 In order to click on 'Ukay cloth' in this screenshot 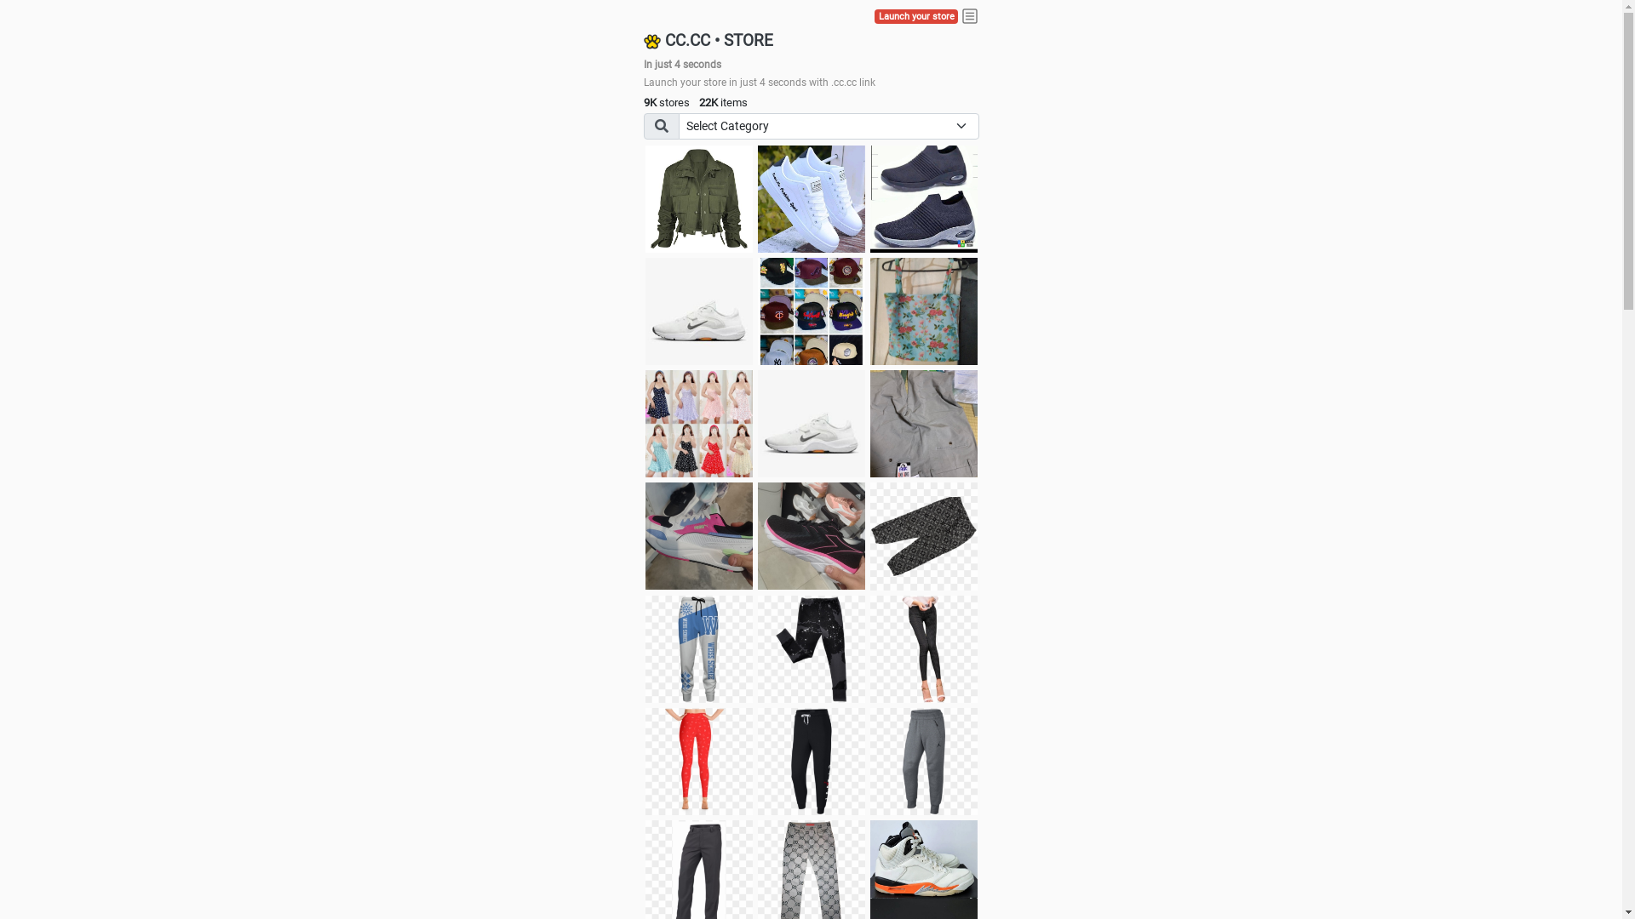, I will do `click(922, 311)`.